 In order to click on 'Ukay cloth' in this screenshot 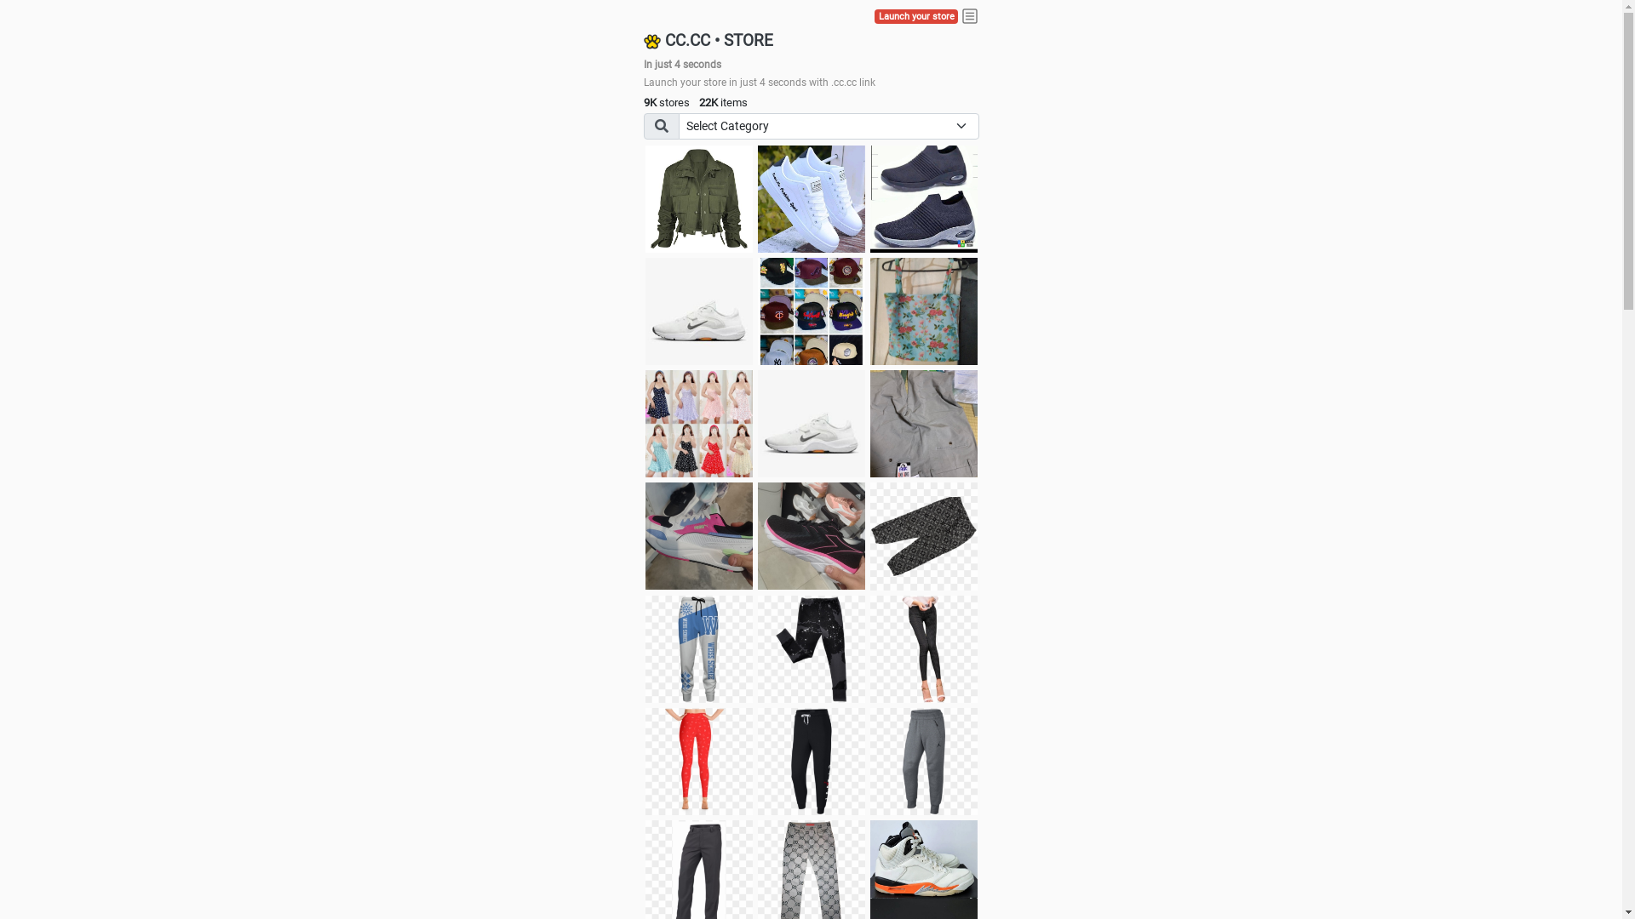, I will do `click(922, 311)`.